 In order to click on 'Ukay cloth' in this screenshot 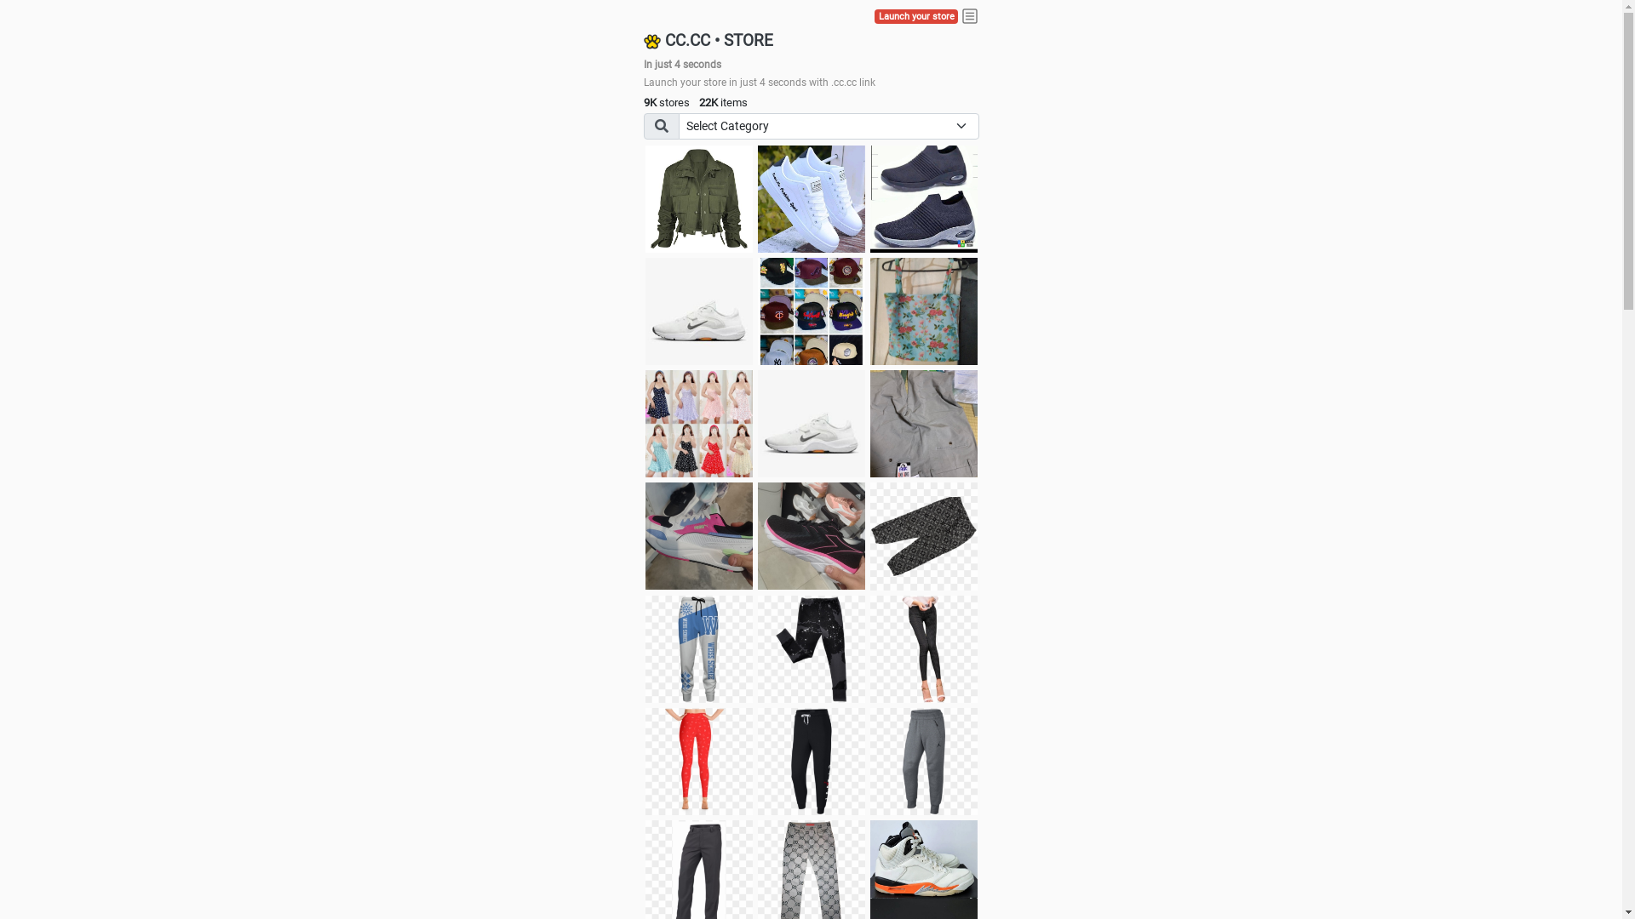, I will do `click(922, 311)`.